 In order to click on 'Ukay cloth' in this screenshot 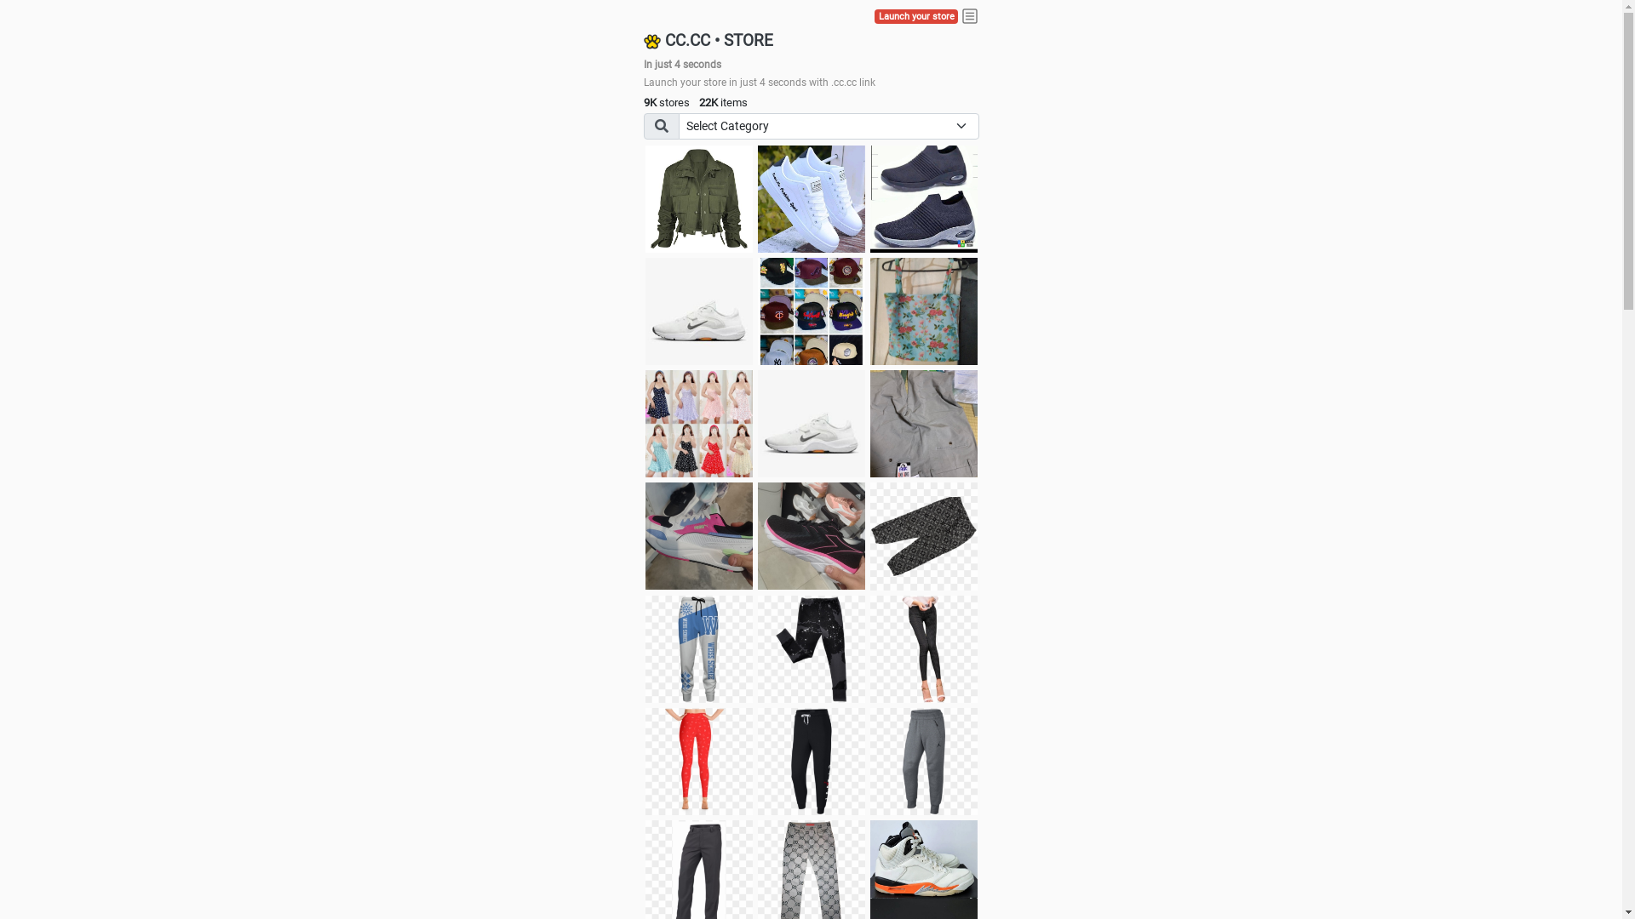, I will do `click(922, 311)`.